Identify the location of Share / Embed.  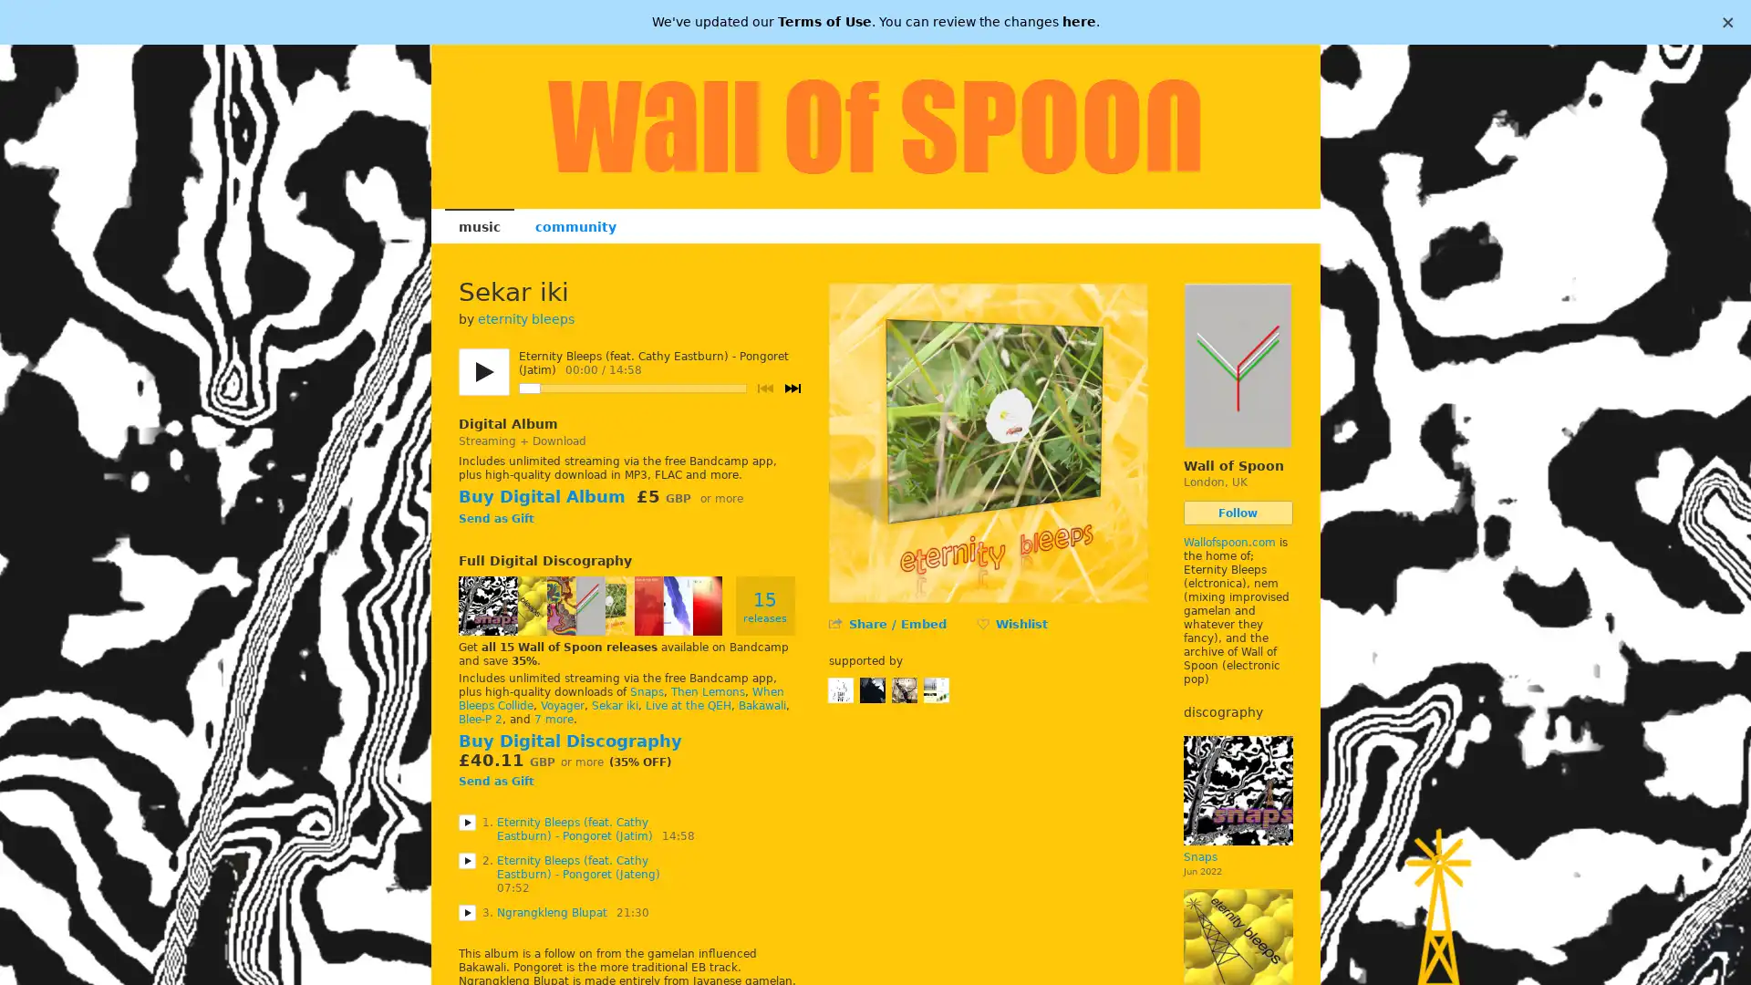
(896, 623).